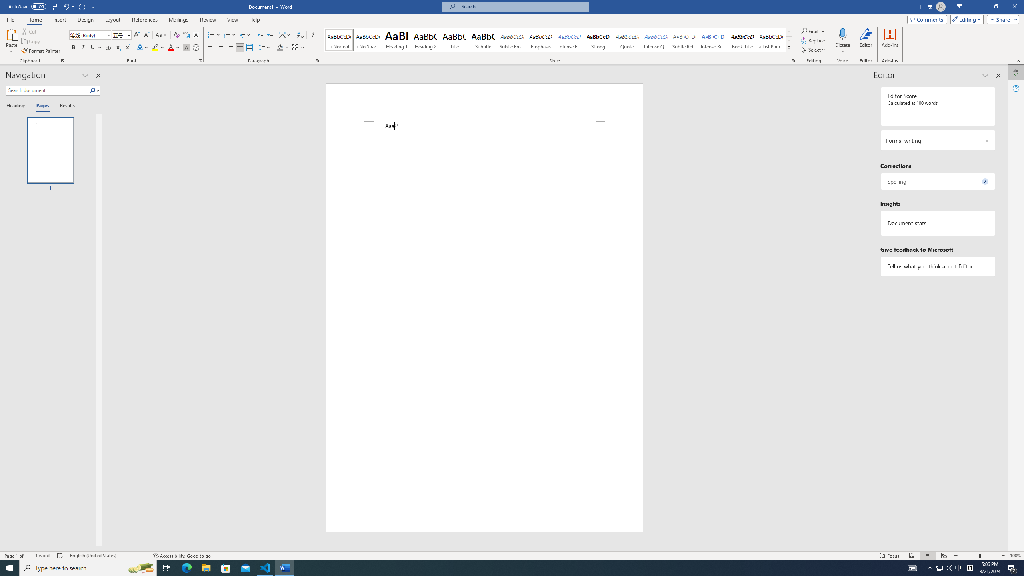  What do you see at coordinates (937, 266) in the screenshot?
I see `'Tell us what you think about Editor'` at bounding box center [937, 266].